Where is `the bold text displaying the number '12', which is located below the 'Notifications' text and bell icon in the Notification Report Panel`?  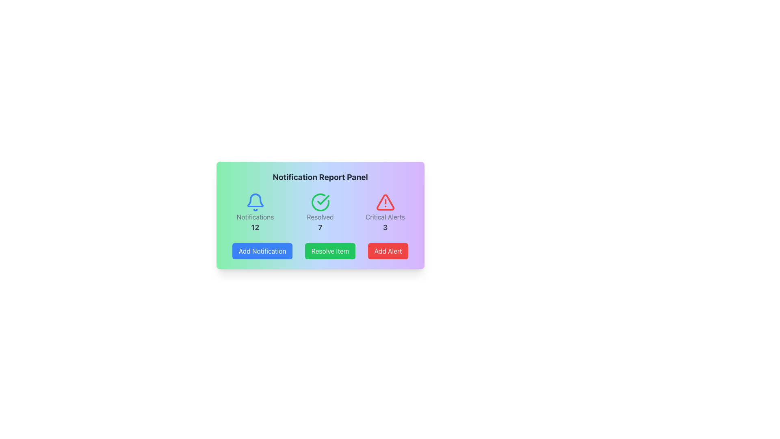 the bold text displaying the number '12', which is located below the 'Notifications' text and bell icon in the Notification Report Panel is located at coordinates (255, 227).